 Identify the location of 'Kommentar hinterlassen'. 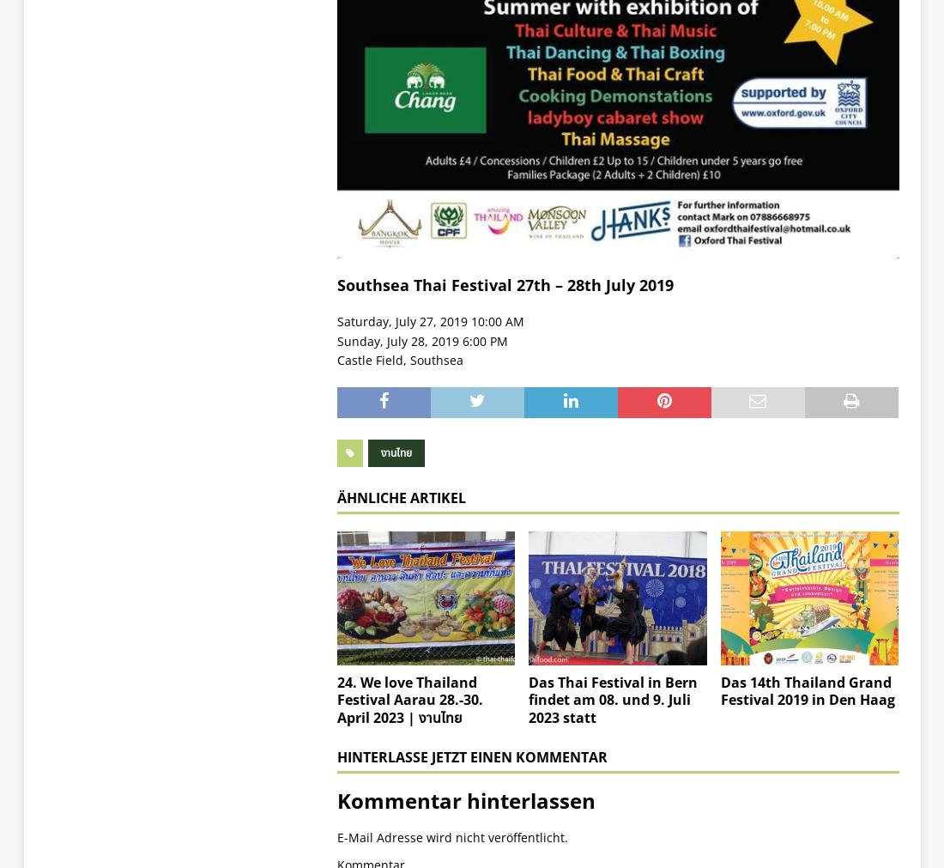
(465, 799).